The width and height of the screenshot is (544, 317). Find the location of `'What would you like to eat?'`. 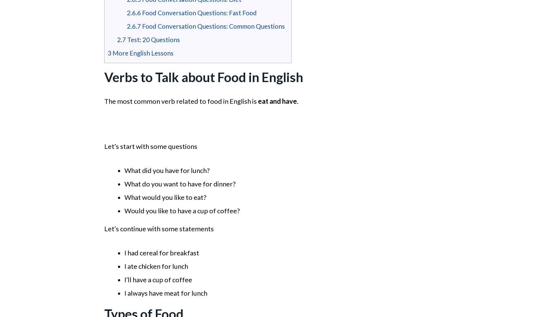

'What would you like to eat?' is located at coordinates (165, 197).